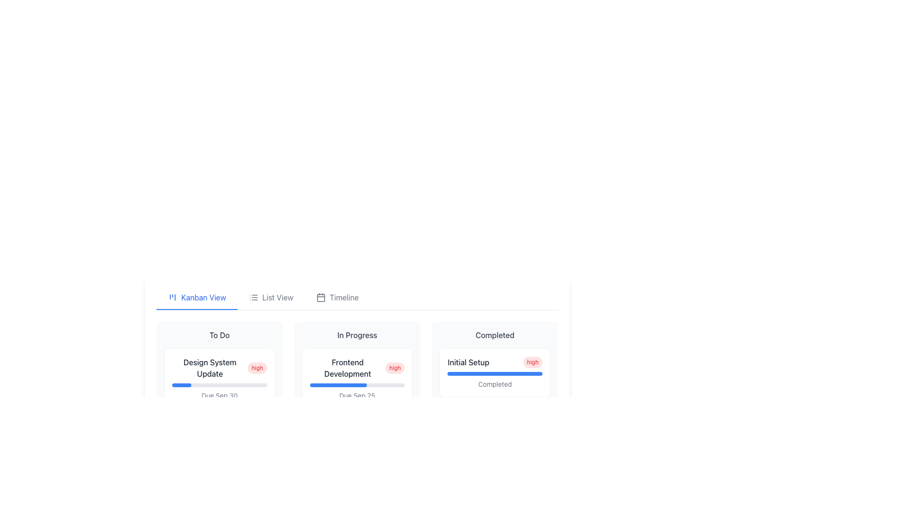 This screenshot has width=916, height=515. Describe the element at coordinates (321, 297) in the screenshot. I see `the 'Timeline' icon in the navigation bar, which is located to the left of its text label and between 'Kanban View' and 'List View'` at that location.